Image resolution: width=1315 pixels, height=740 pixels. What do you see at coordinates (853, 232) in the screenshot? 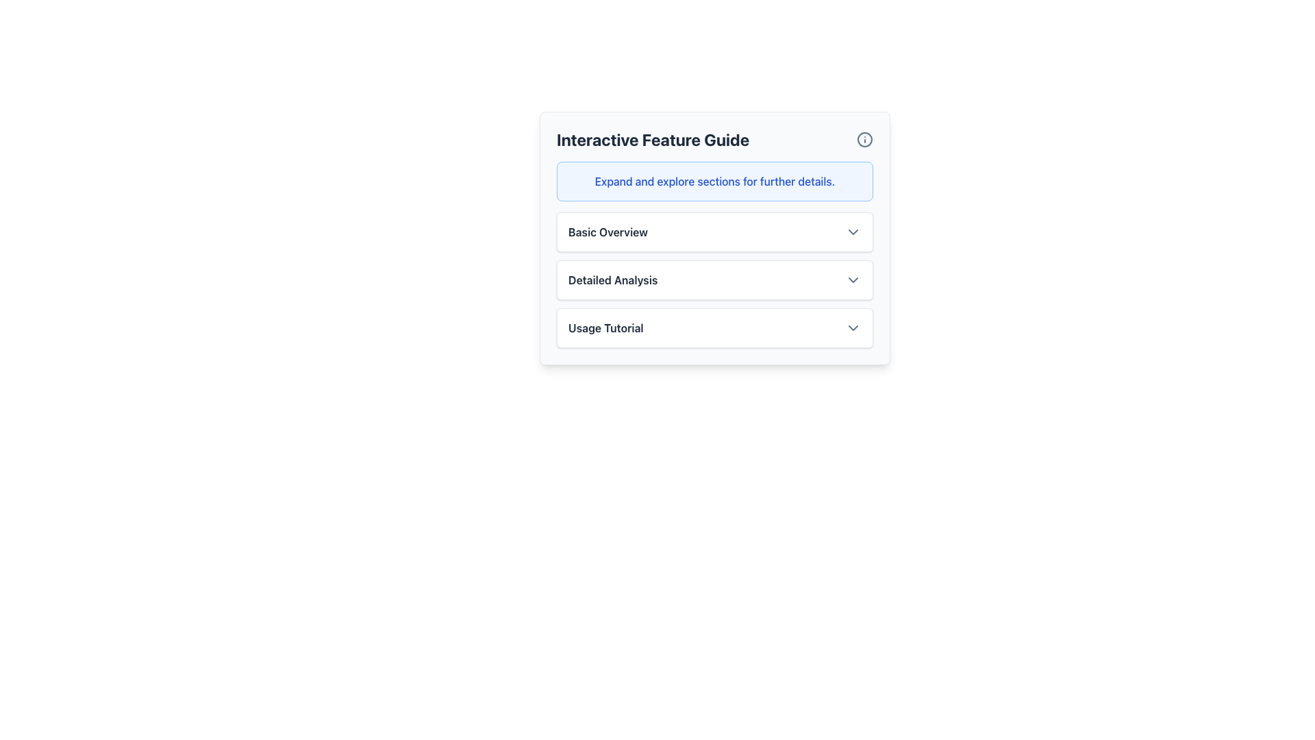
I see `the downwards-pointing chevron icon button styled in slate gray, located near the right edge of the 'Basic Overview' row` at bounding box center [853, 232].